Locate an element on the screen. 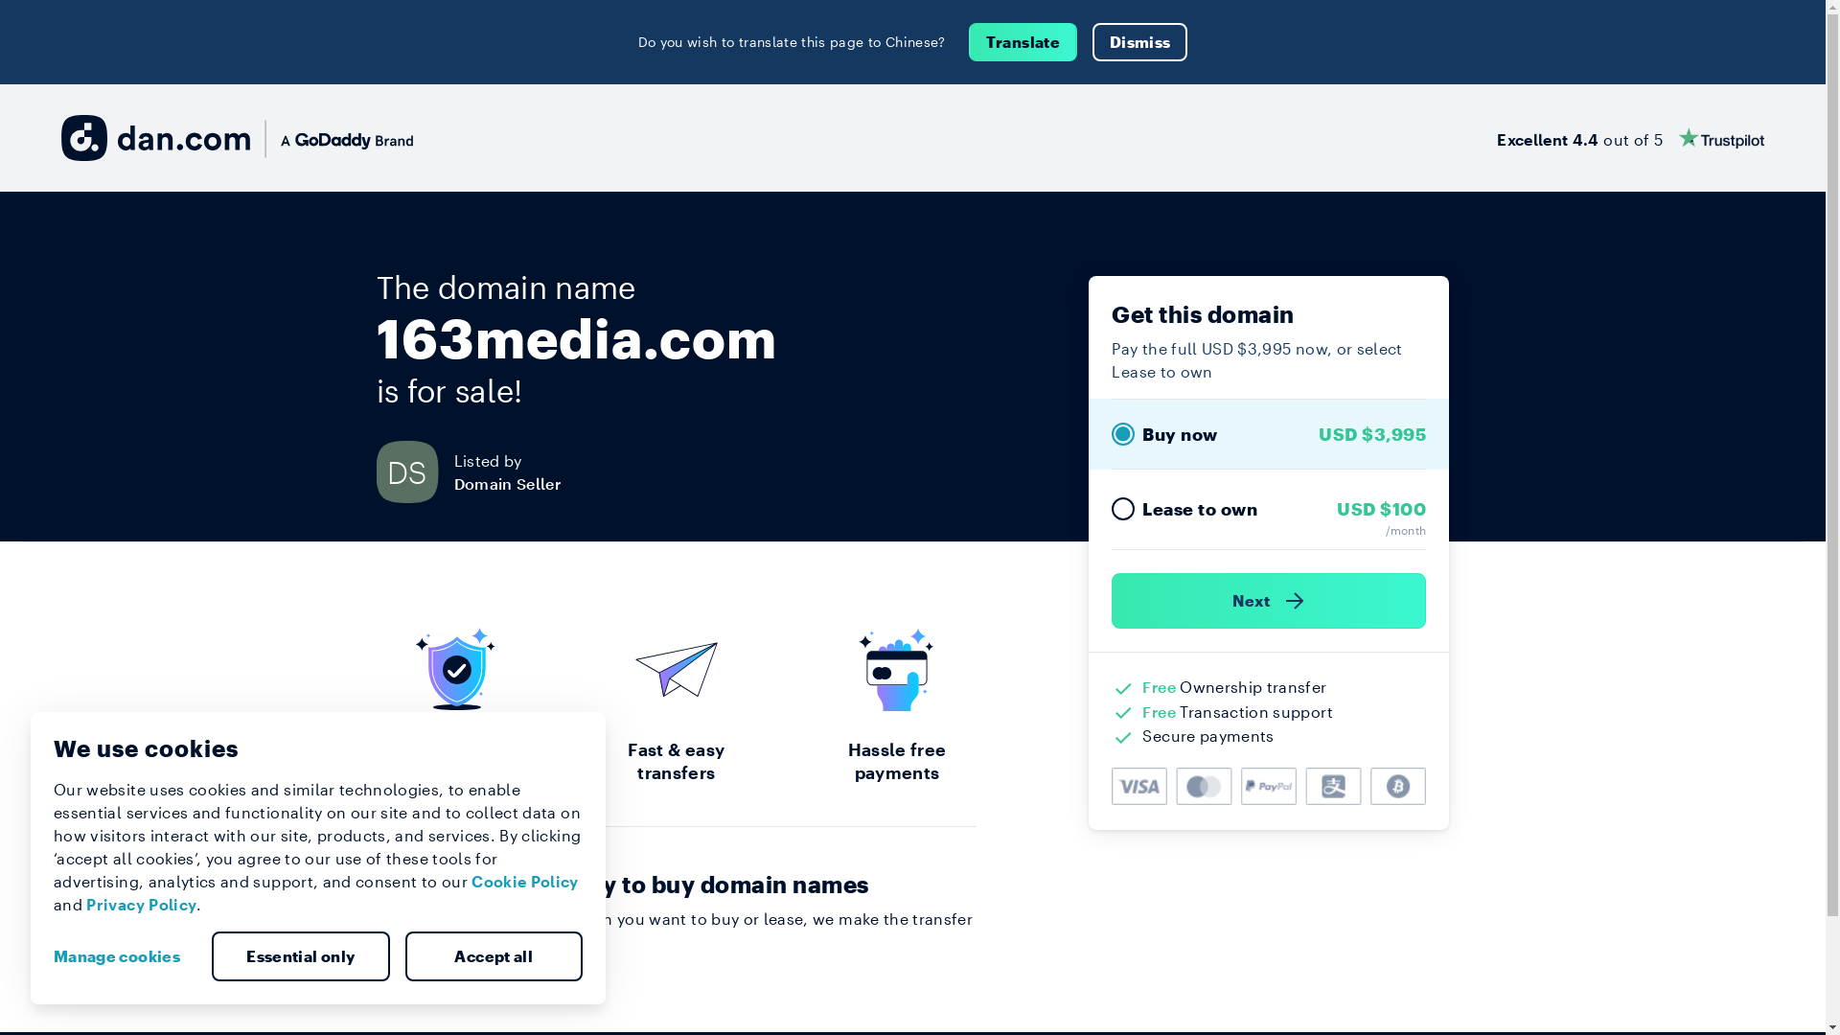  'Excellent 4.4 out of 5' is located at coordinates (1629, 136).